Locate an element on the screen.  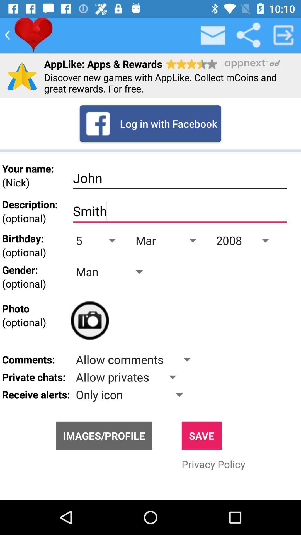
the email icon is located at coordinates (213, 35).